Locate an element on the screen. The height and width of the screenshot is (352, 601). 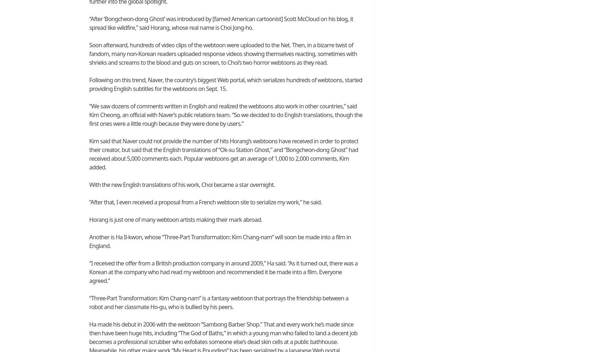
'“After that, I even received a proposal from a French webtoon site to serialize my work,” he said.' is located at coordinates (205, 202).